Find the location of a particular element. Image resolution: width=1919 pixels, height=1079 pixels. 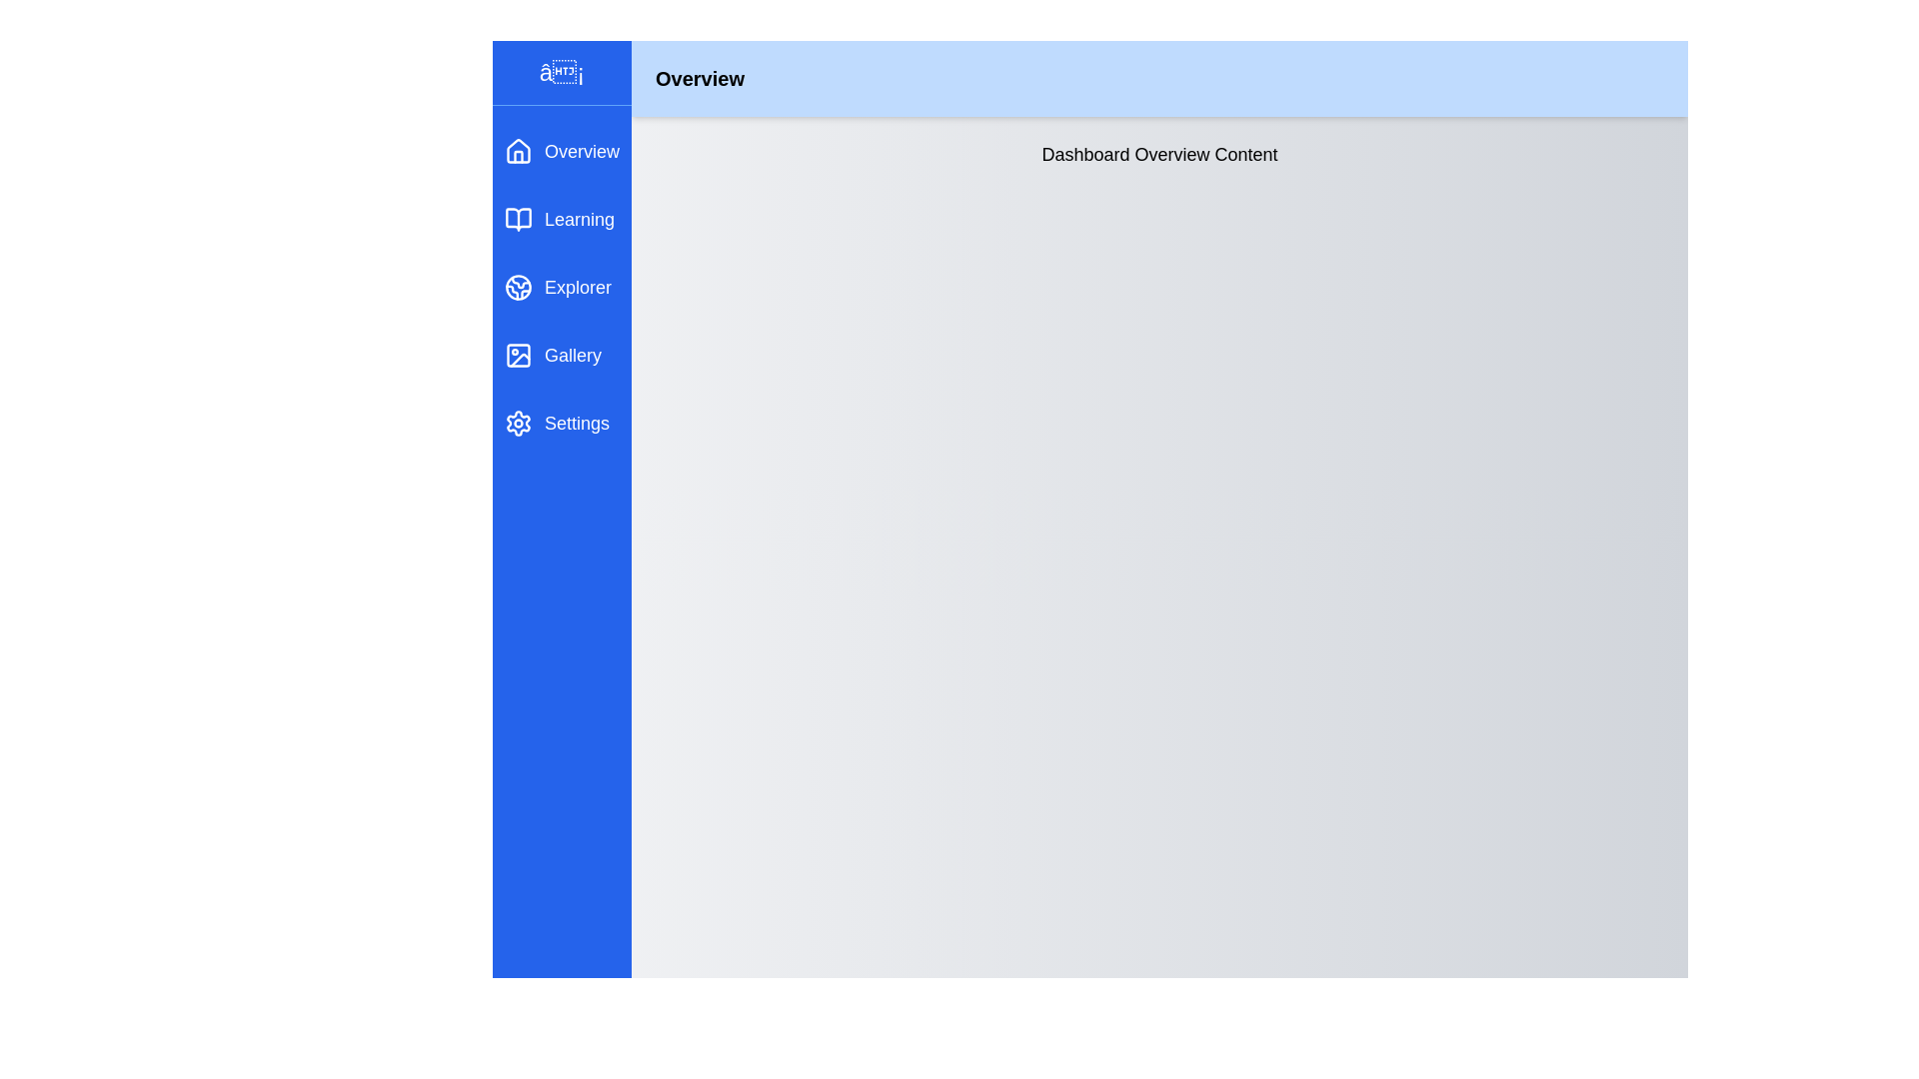

the SVG circle representing the 'Explorer' functionality in the vertical menu bar is located at coordinates (518, 288).